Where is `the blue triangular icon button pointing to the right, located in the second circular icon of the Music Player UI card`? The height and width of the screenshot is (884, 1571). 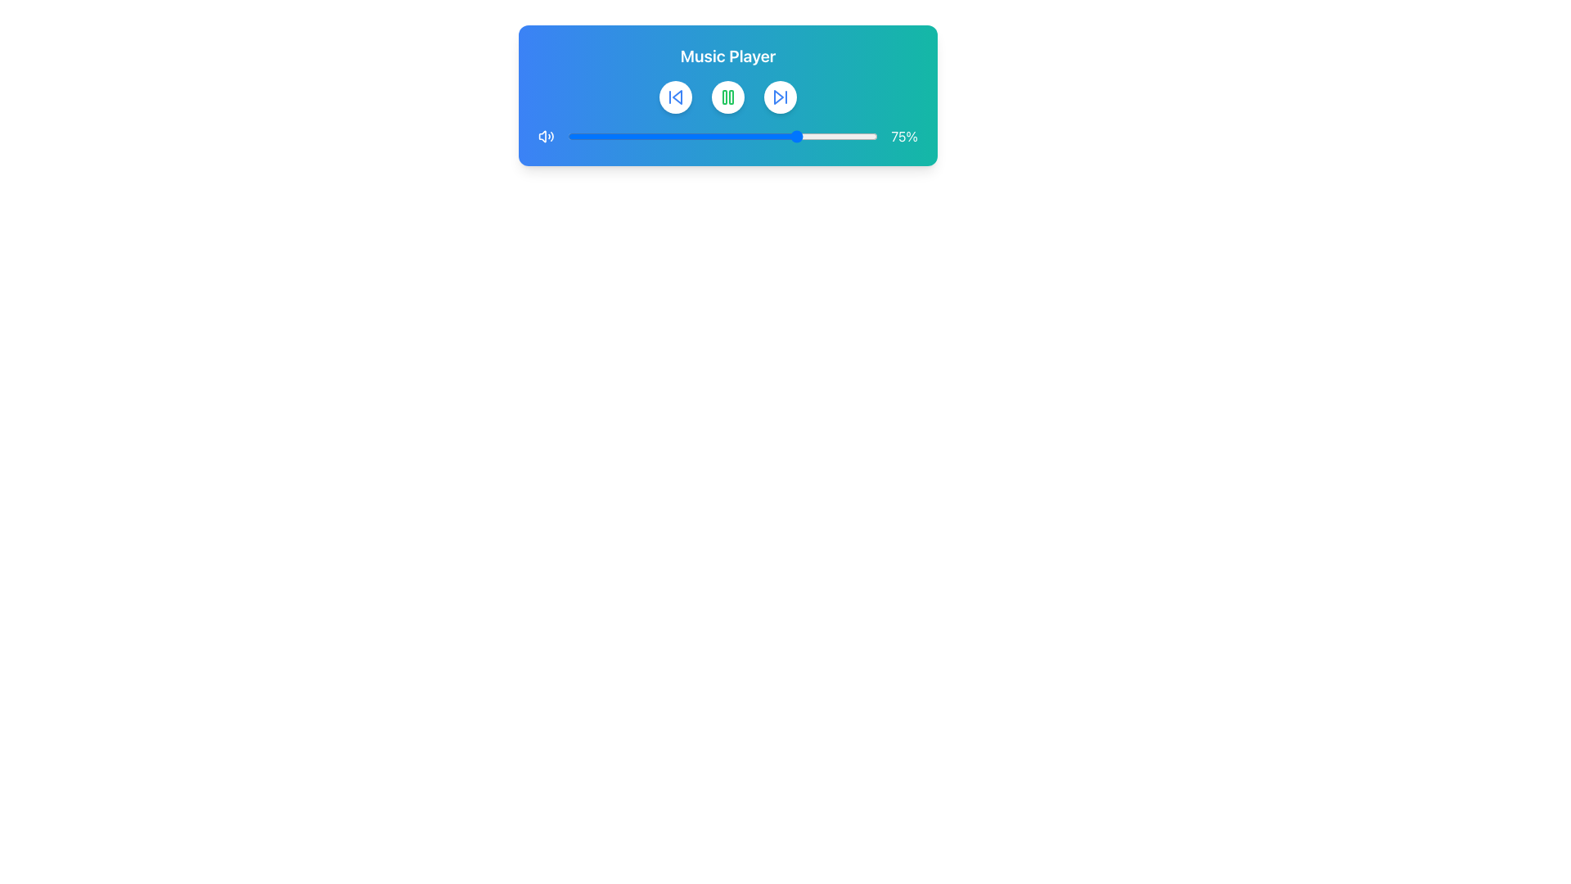
the blue triangular icon button pointing to the right, located in the second circular icon of the Music Player UI card is located at coordinates (777, 97).